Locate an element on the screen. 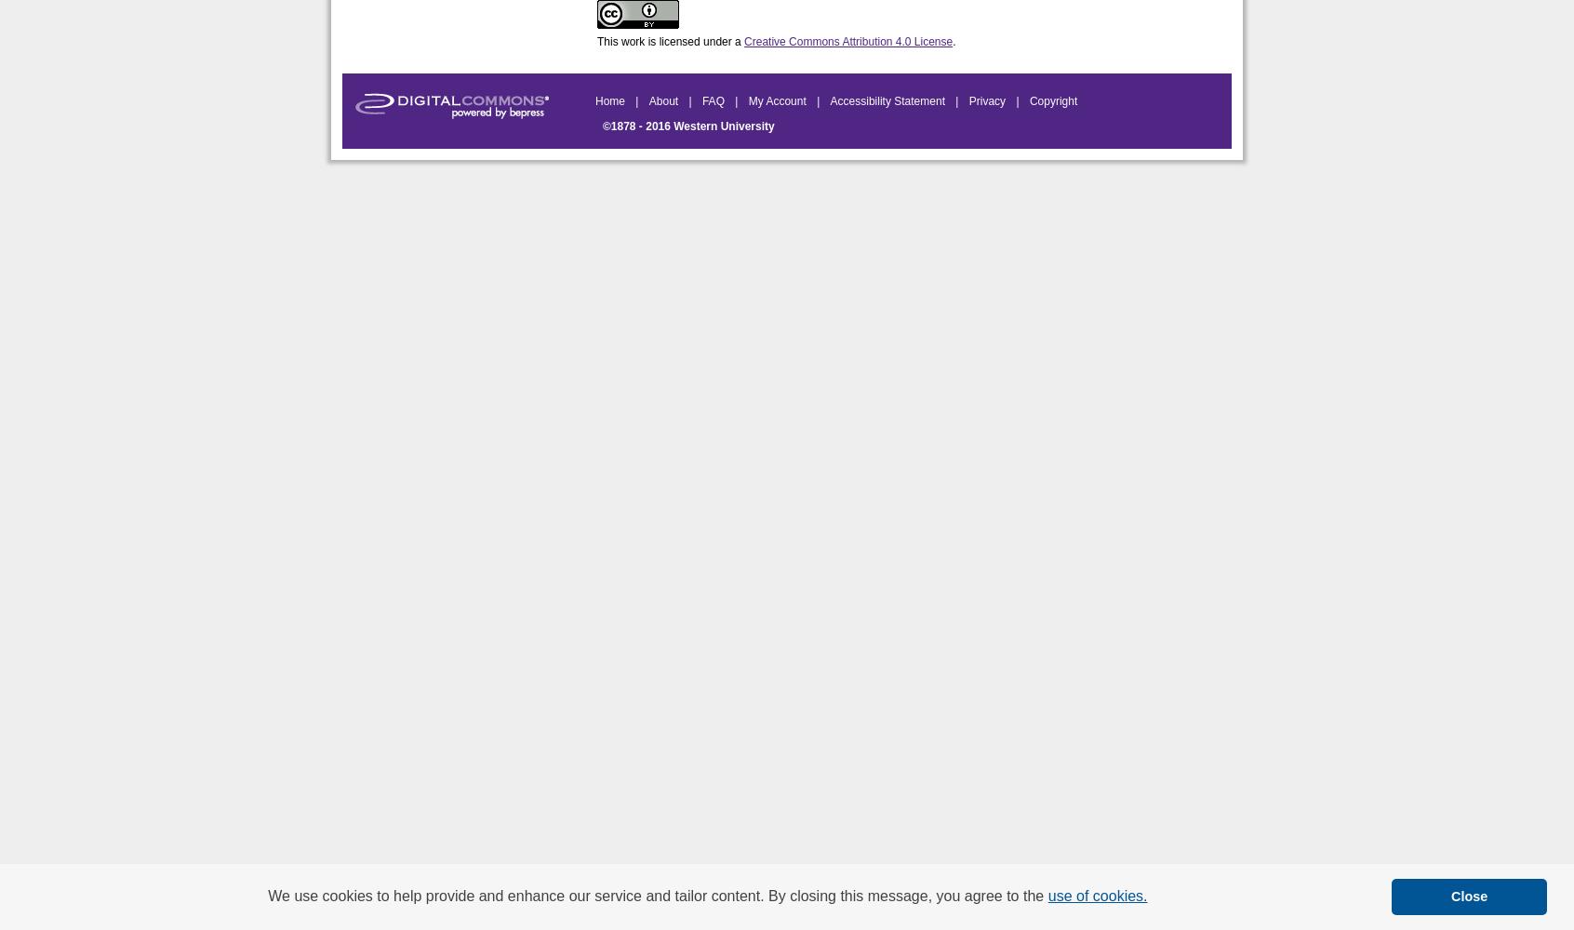  '©1878 - 2016 Western University' is located at coordinates (687, 126).